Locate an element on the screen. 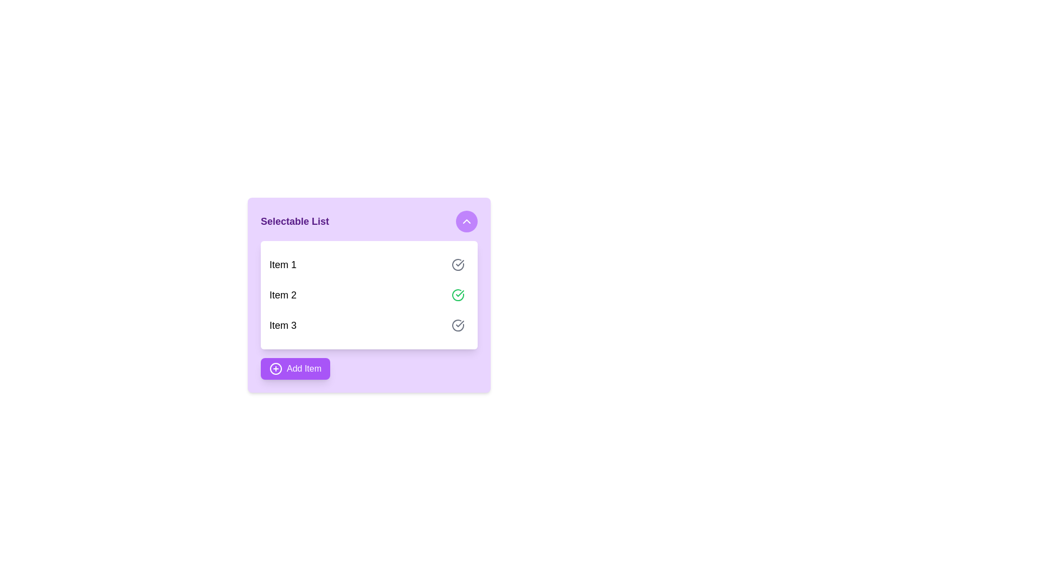 The image size is (1041, 585). the status indicated by the checkmark icon, which is green with a circular outline and positioned to the right of 'Item 2' in the selectable list is located at coordinates (460, 263).